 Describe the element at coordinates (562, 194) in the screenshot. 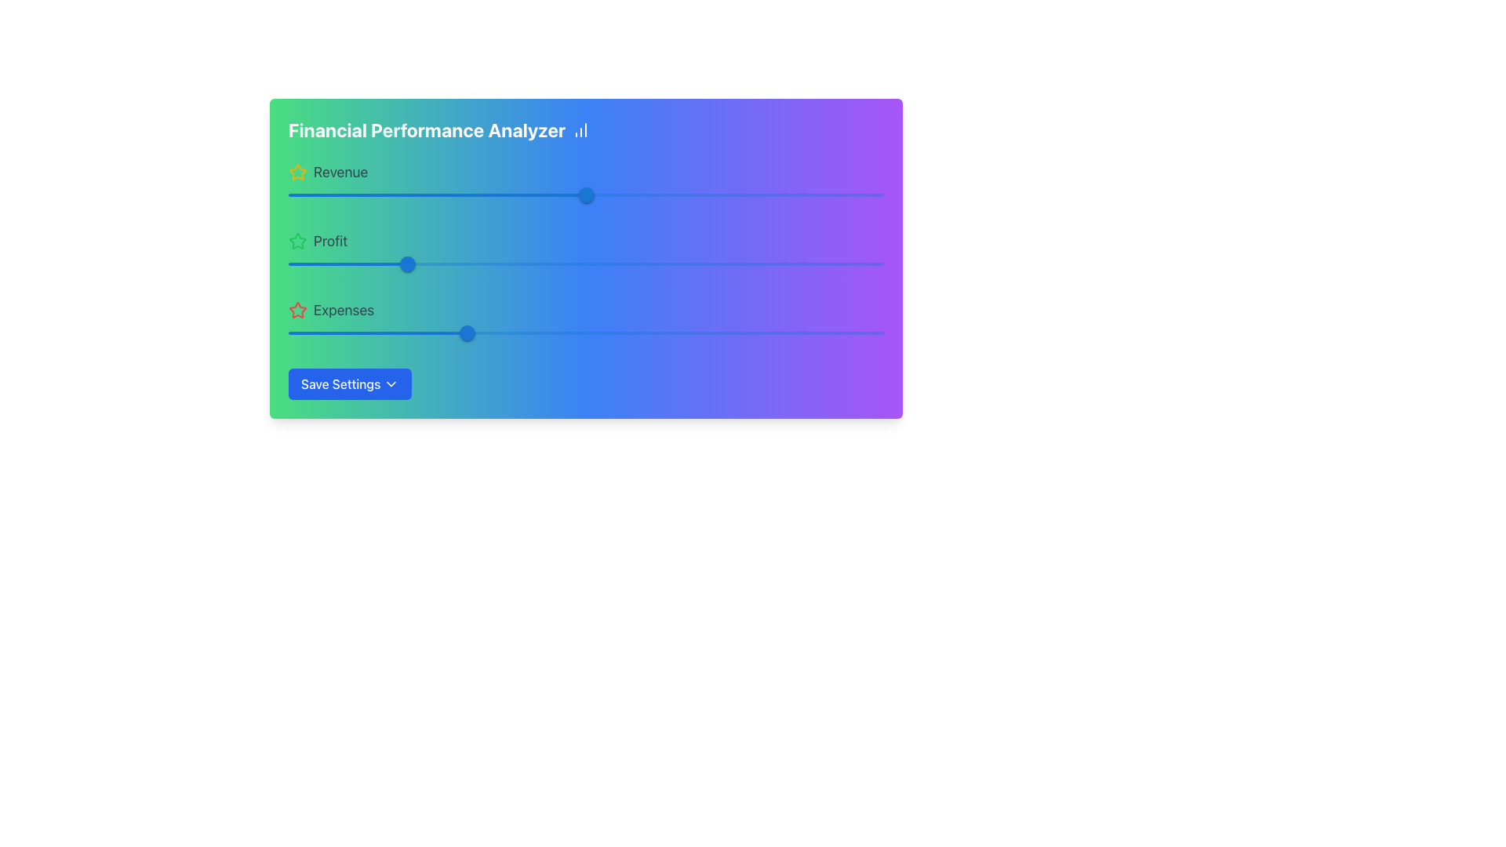

I see `the Revenue slider` at that location.